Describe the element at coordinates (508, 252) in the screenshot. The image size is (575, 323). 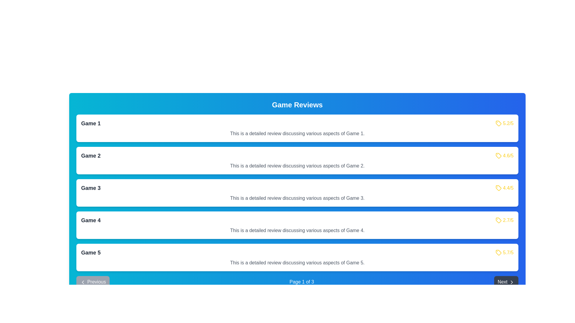
I see `displayed rating value from the text element located at the bottom right of the fifth information card, which shows a score or feedback related to adjacent content` at that location.